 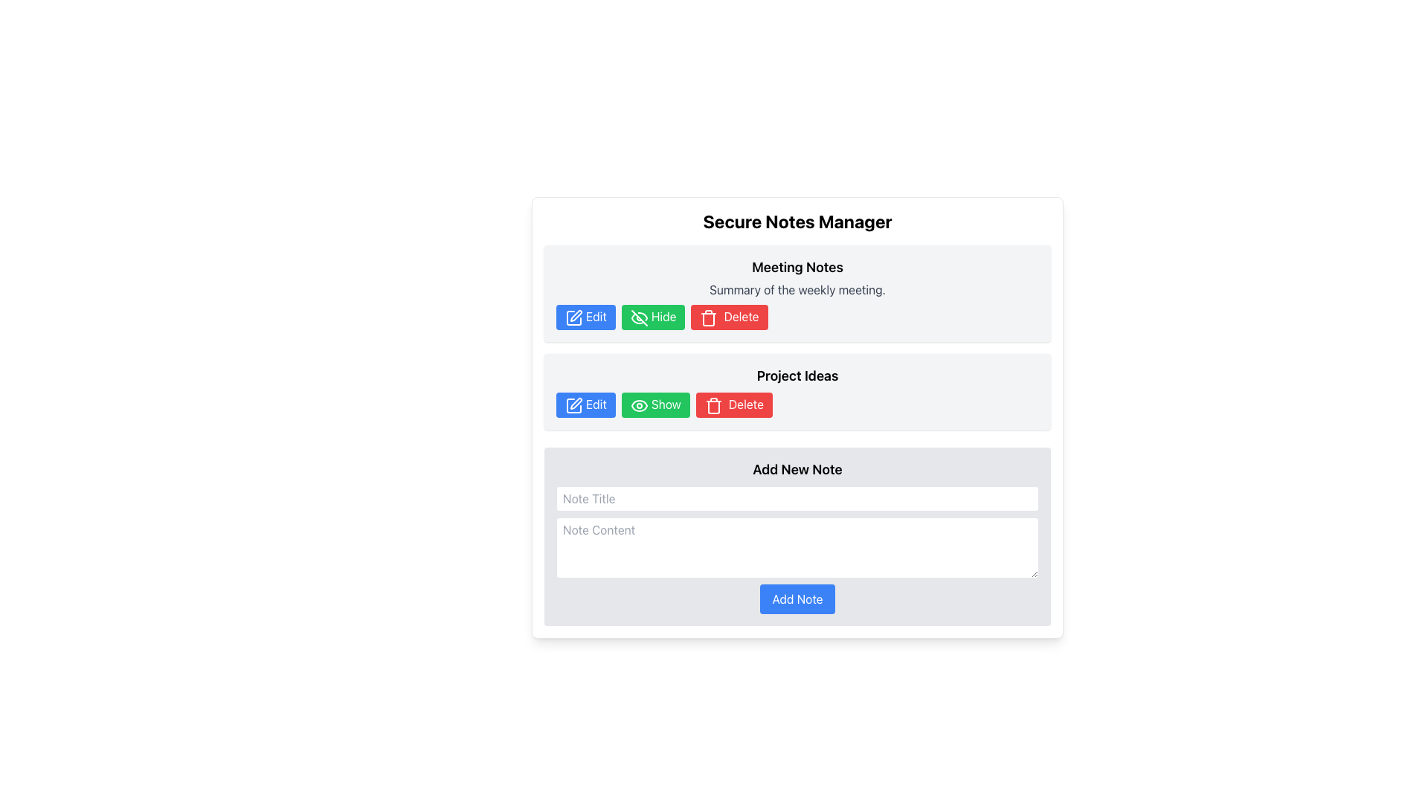 What do you see at coordinates (708, 317) in the screenshot?
I see `the 'Delete' button that contains the trash can icon, which is styled with a red background and white text, positioned to the right of the green 'Hide' or 'Show' button` at bounding box center [708, 317].